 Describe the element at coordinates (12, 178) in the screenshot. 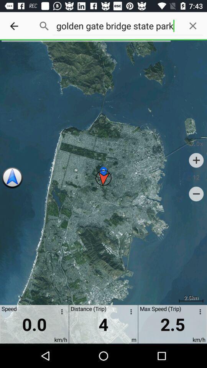

I see `the navigation icon` at that location.